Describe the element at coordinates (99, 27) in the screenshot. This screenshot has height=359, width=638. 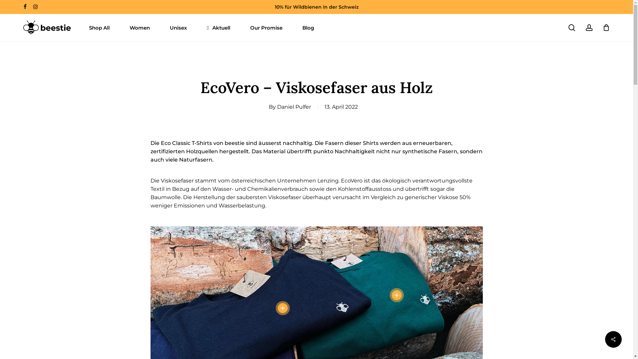
I see `'Shop All'` at that location.